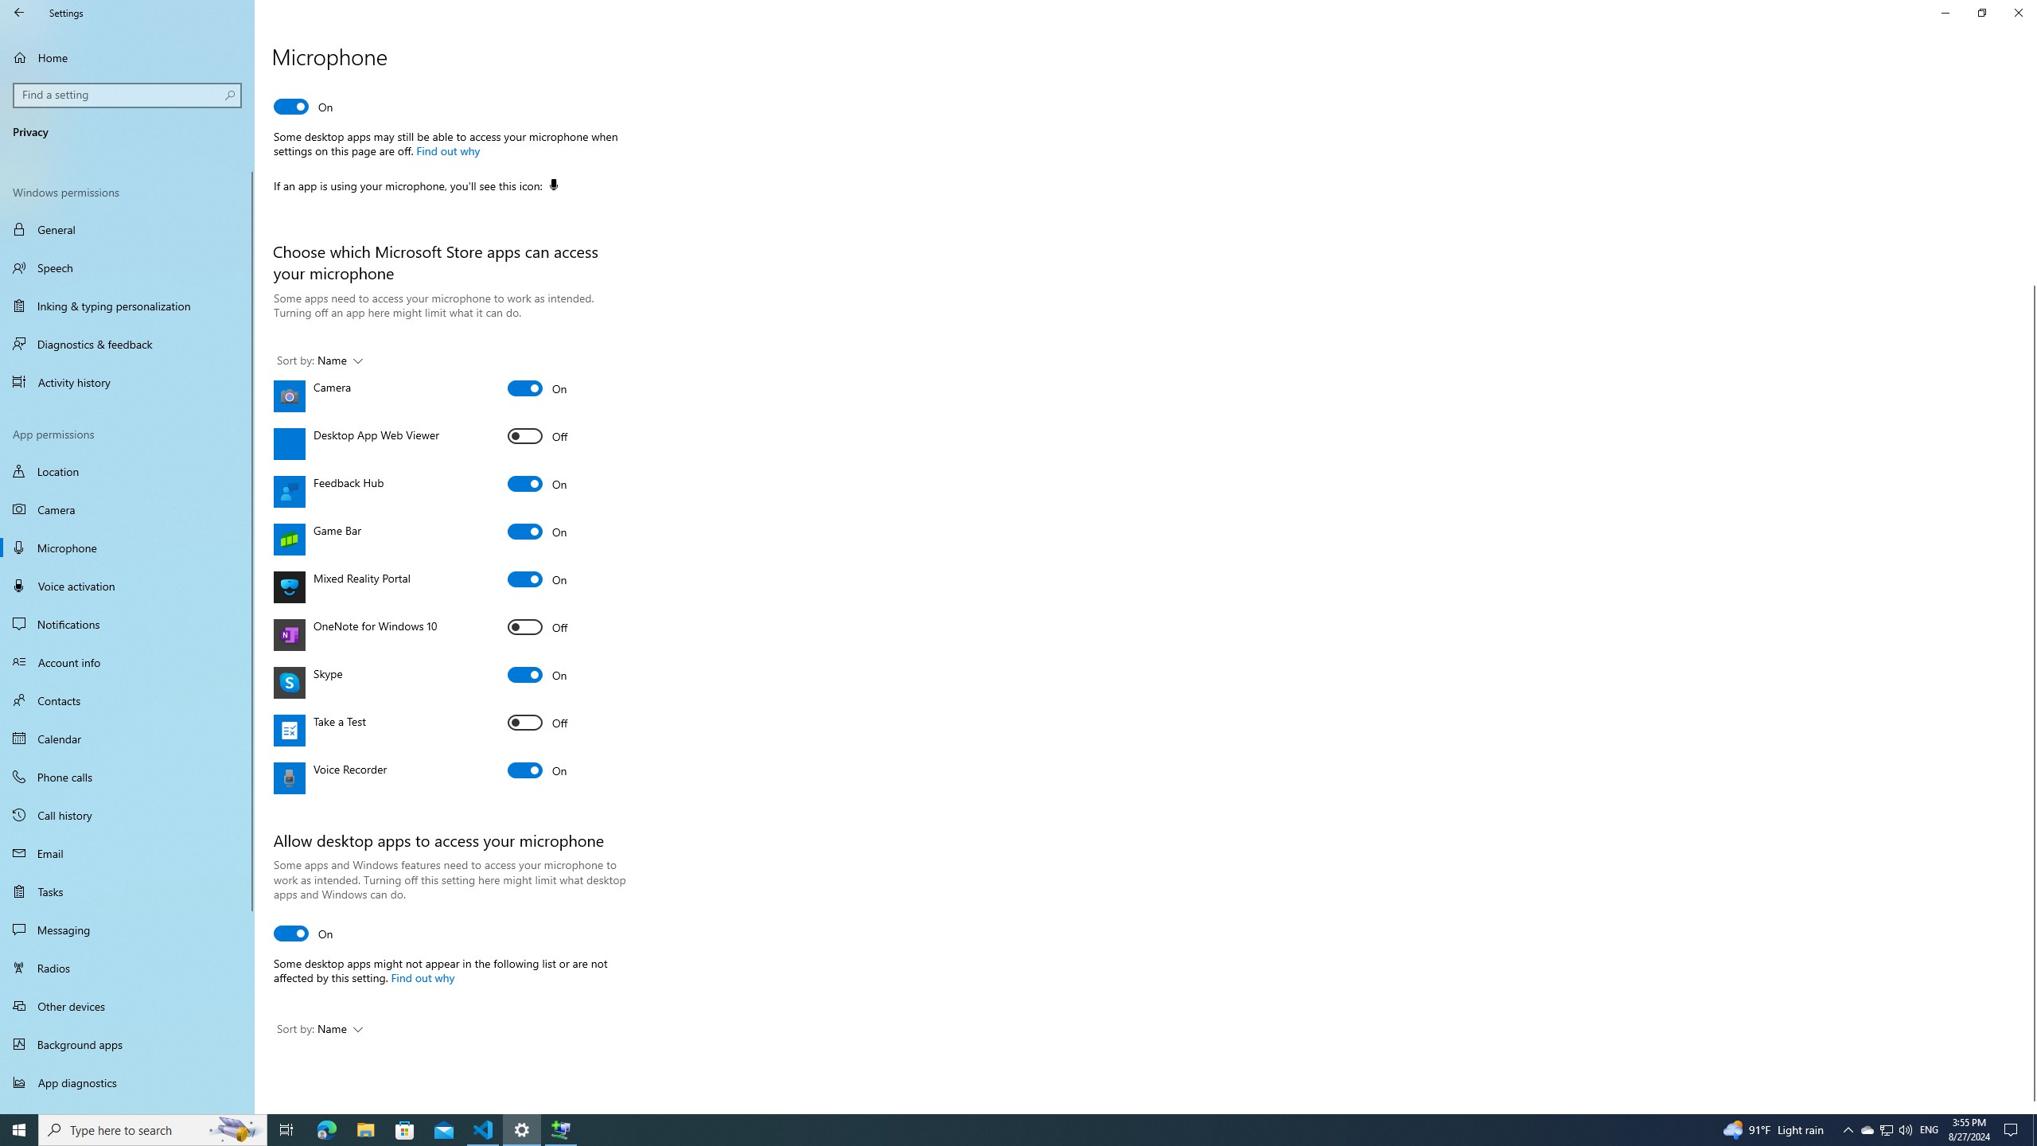 This screenshot has width=2037, height=1146. What do you see at coordinates (127, 546) in the screenshot?
I see `'Microphone'` at bounding box center [127, 546].